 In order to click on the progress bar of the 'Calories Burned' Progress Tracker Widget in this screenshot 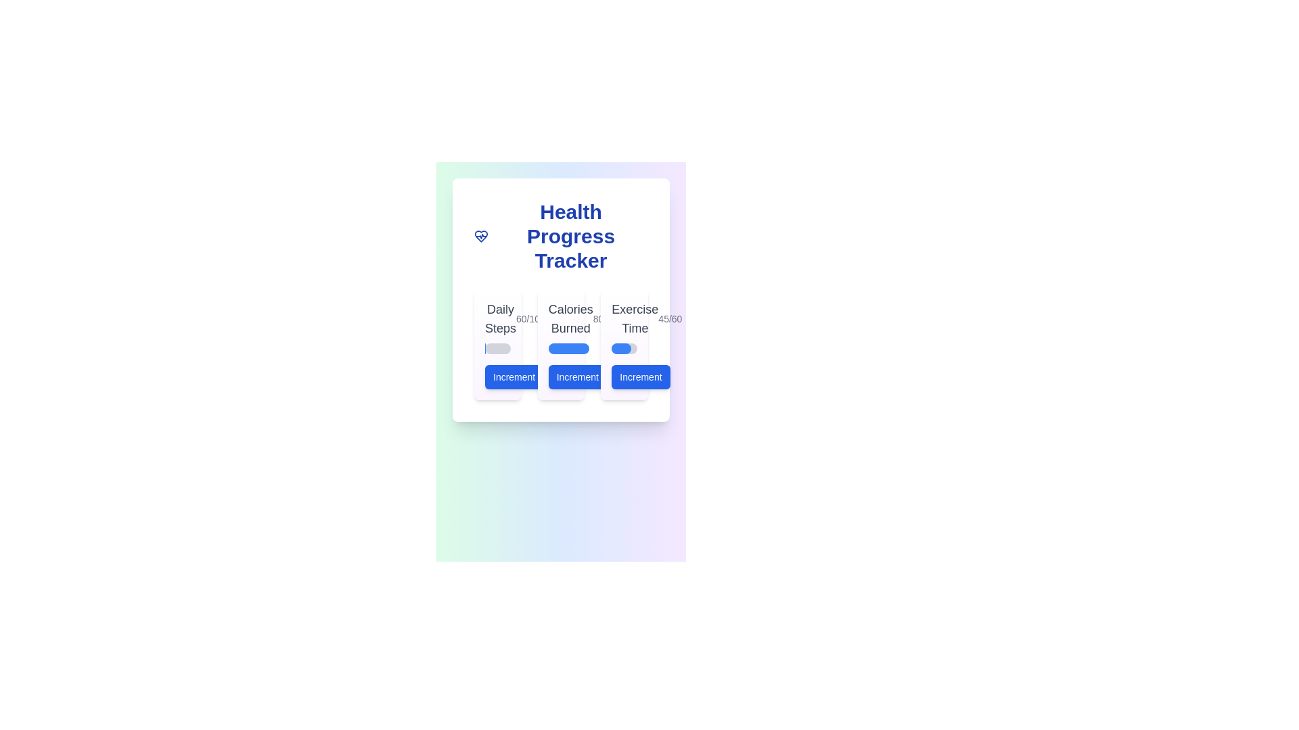, I will do `click(561, 343)`.